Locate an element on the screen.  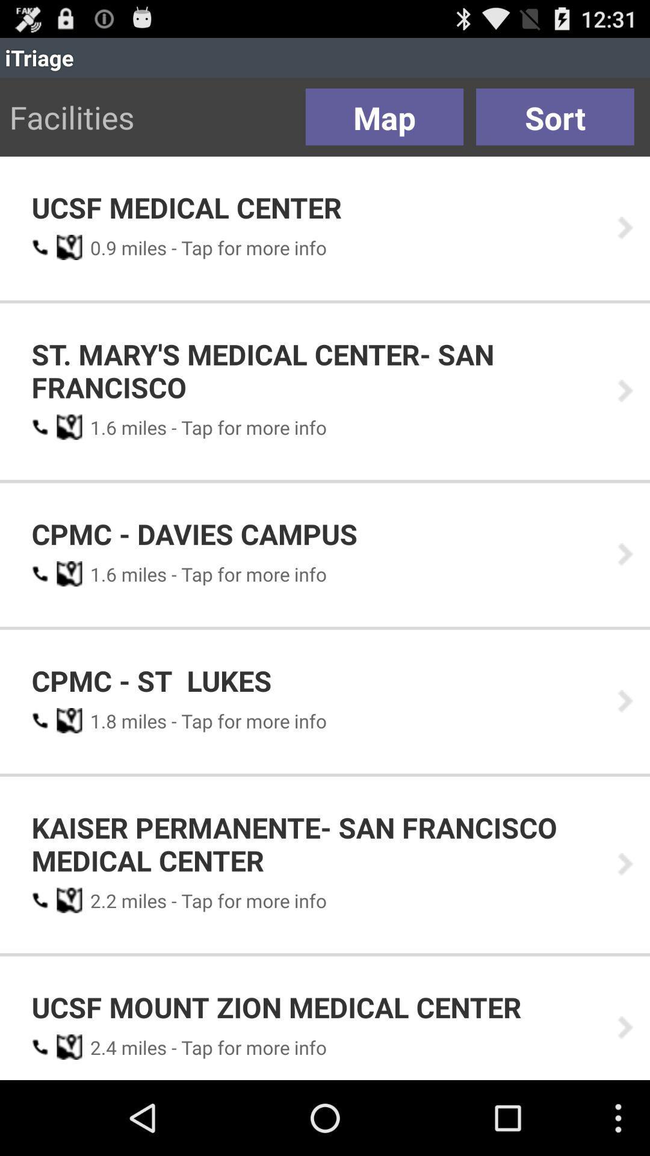
item next to the map is located at coordinates (555, 117).